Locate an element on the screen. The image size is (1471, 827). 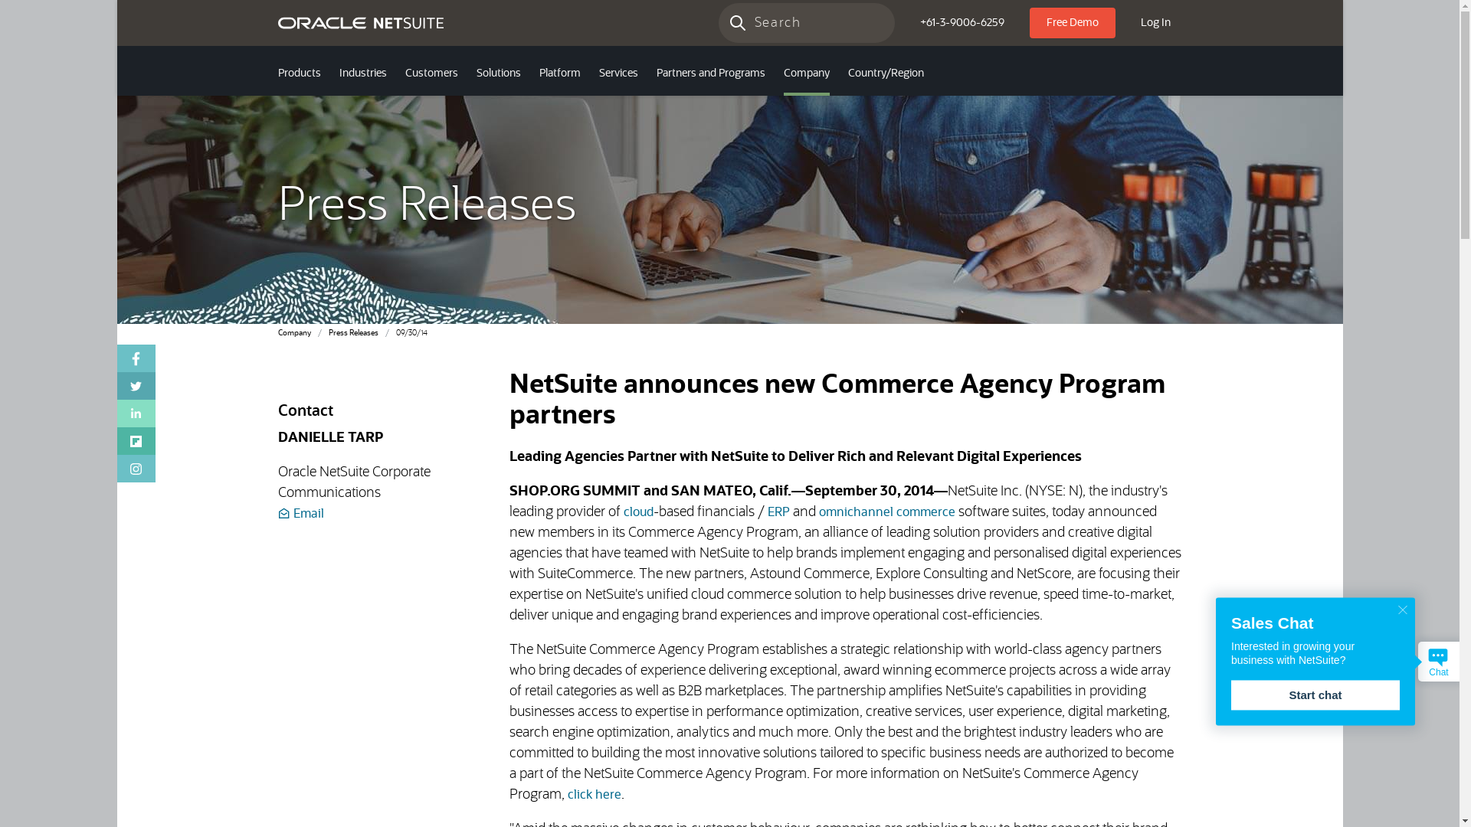
'ERP' is located at coordinates (778, 512).